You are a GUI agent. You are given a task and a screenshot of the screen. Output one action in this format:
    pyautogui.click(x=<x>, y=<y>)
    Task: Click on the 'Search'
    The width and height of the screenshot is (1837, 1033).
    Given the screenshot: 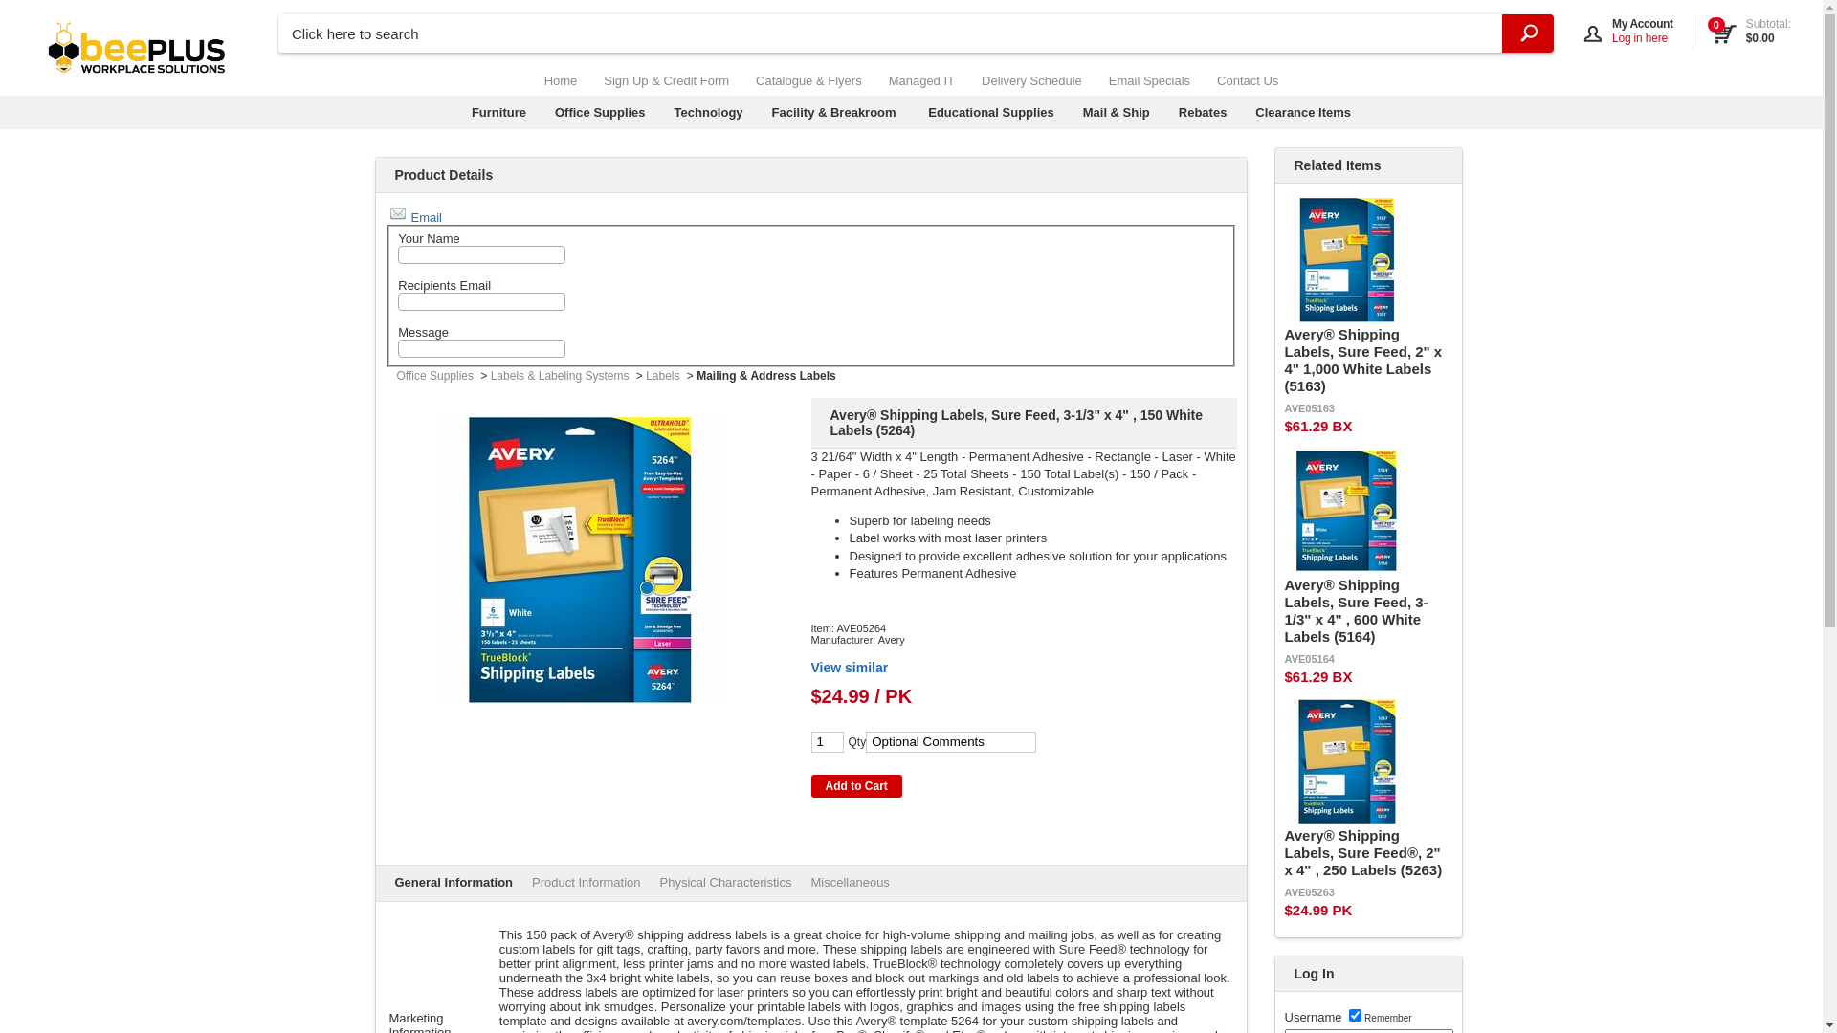 What is the action you would take?
    pyautogui.click(x=1527, y=33)
    